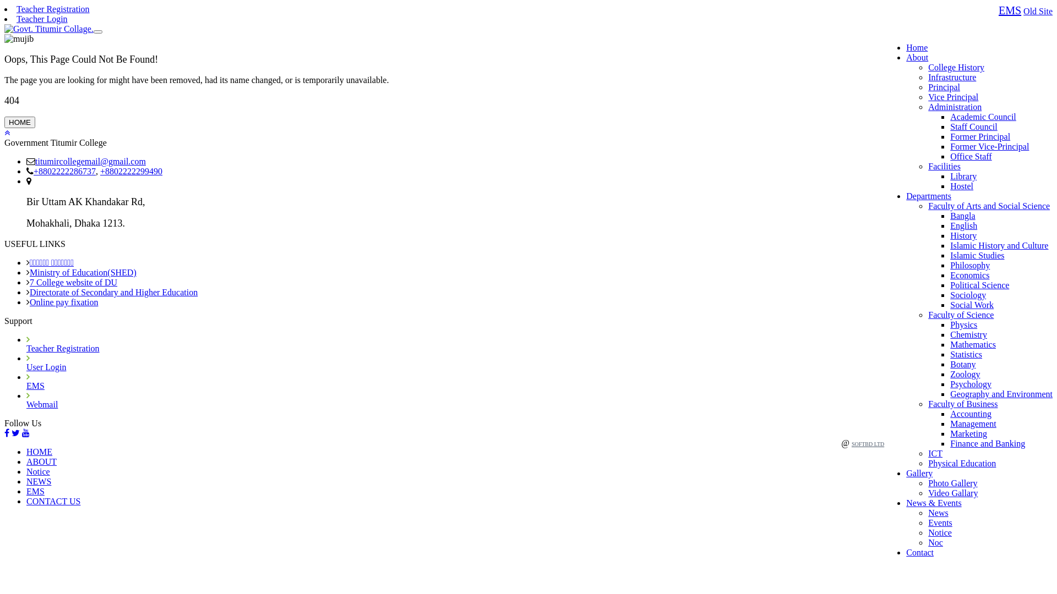 This screenshot has width=1057, height=594. What do you see at coordinates (928, 195) in the screenshot?
I see `'Departments'` at bounding box center [928, 195].